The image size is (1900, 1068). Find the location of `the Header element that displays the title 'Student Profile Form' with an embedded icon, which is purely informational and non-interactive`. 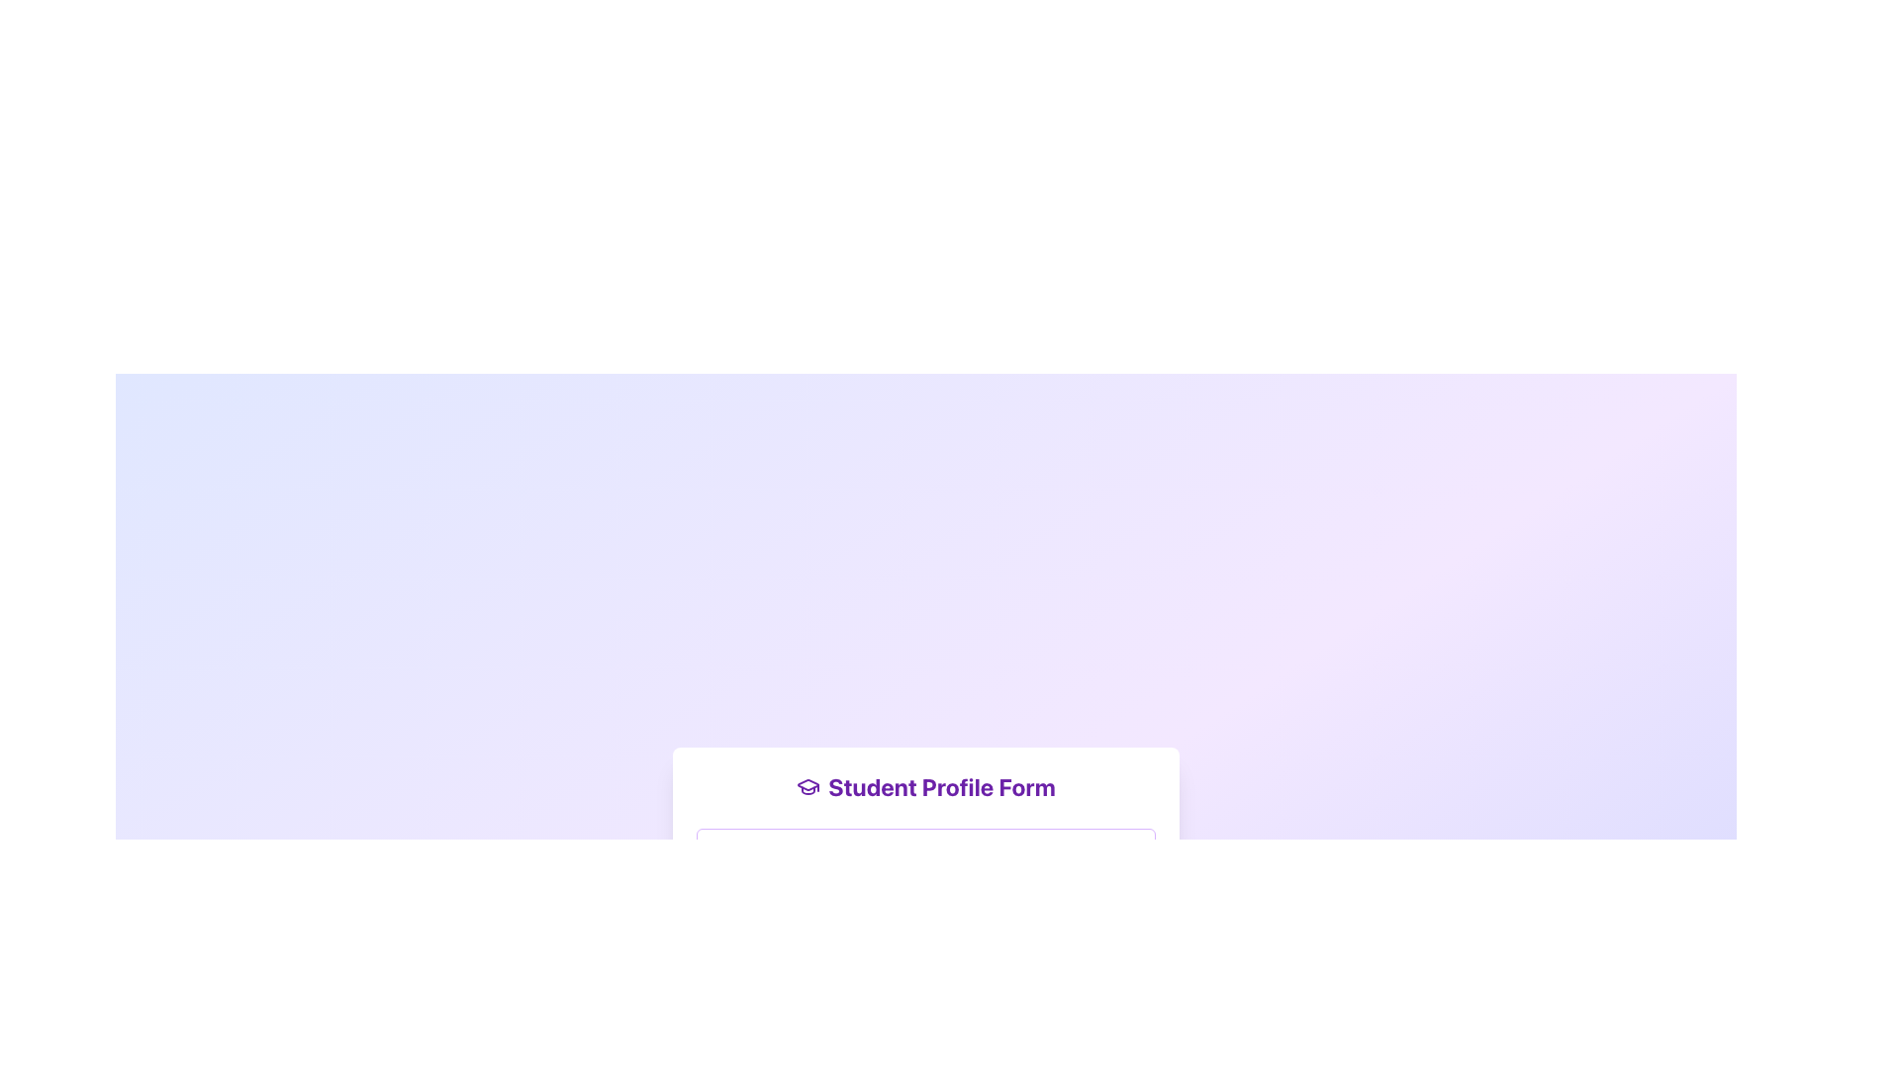

the Header element that displays the title 'Student Profile Form' with an embedded icon, which is purely informational and non-interactive is located at coordinates (925, 785).